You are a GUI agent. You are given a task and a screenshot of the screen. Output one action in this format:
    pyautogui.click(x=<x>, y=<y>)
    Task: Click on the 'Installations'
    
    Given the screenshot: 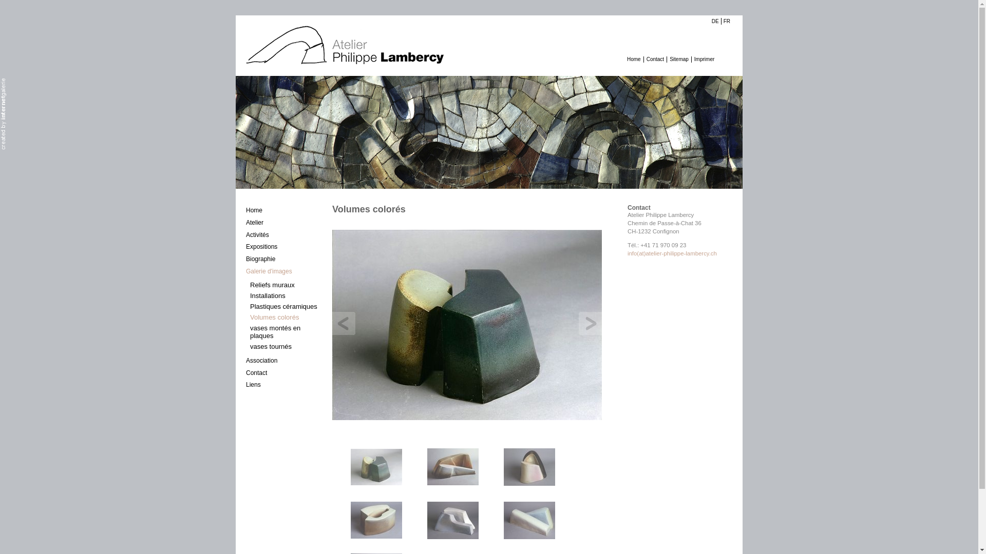 What is the action you would take?
    pyautogui.click(x=283, y=295)
    